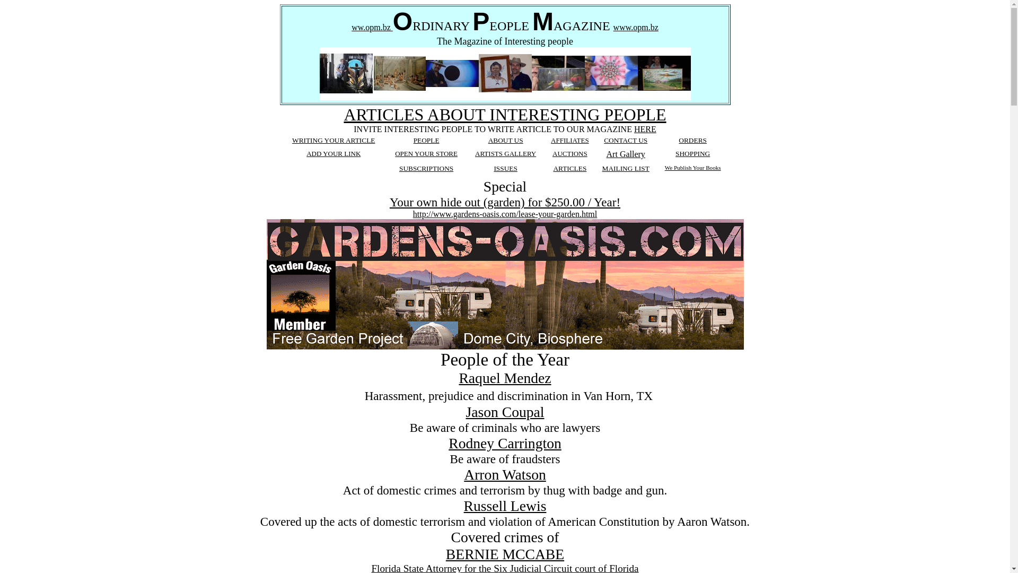 The height and width of the screenshot is (573, 1018). Describe the element at coordinates (505, 168) in the screenshot. I see `'ISSUES'` at that location.